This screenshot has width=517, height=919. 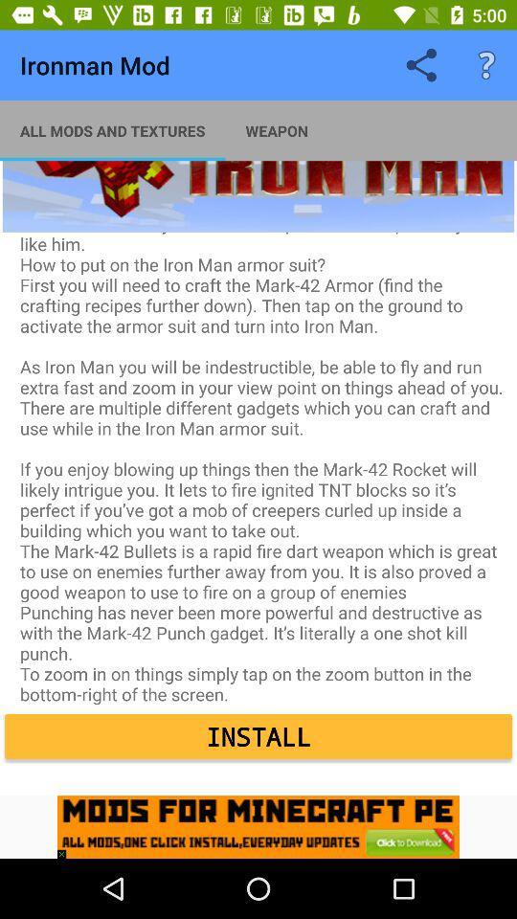 What do you see at coordinates (258, 826) in the screenshot?
I see `item below the install` at bounding box center [258, 826].